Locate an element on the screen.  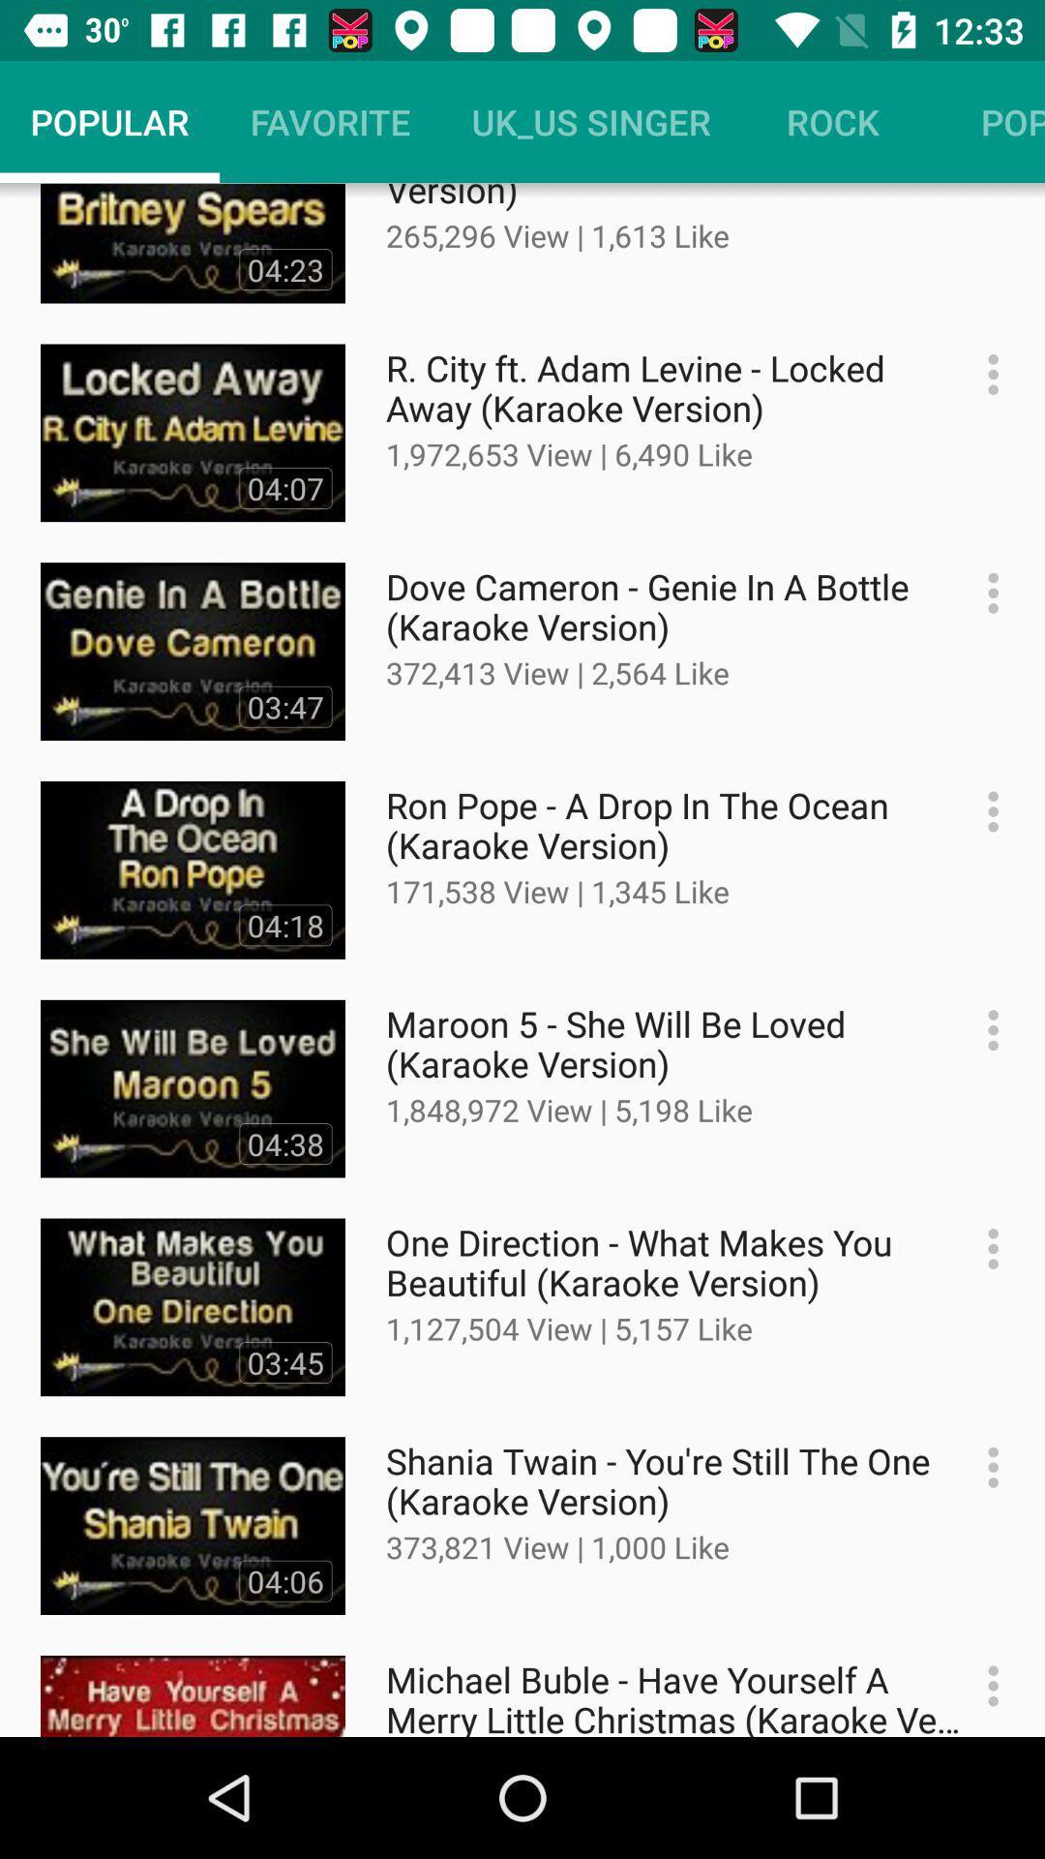
setting button is located at coordinates (983, 1685).